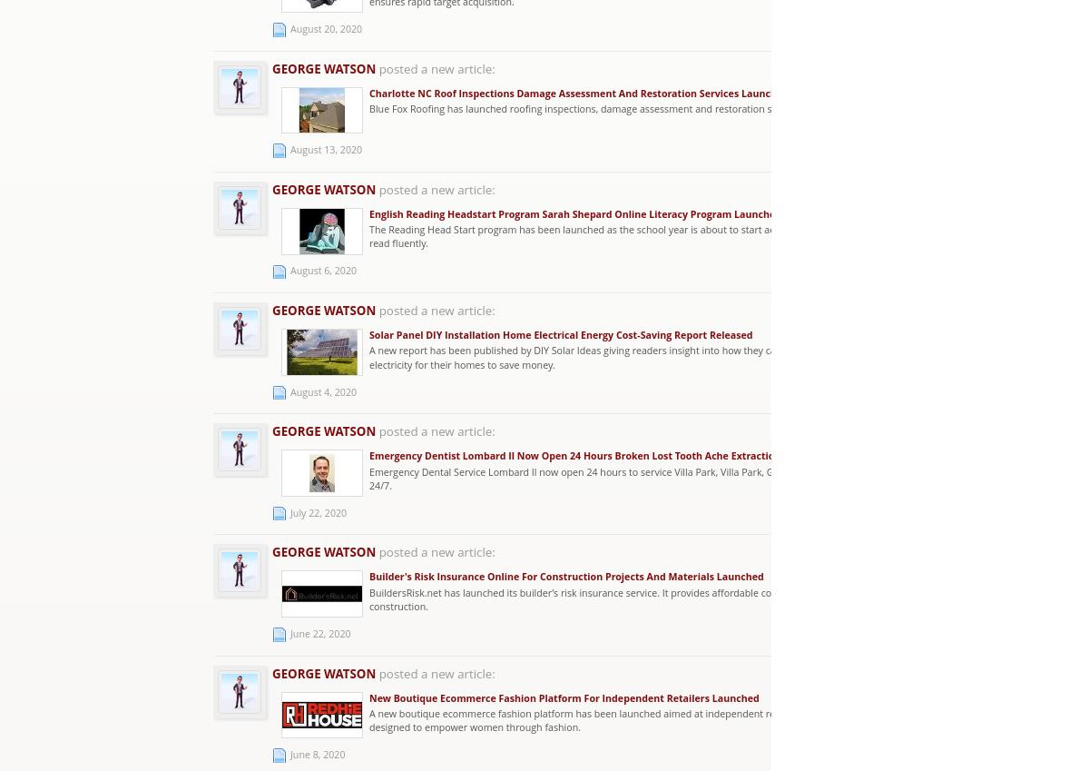 This screenshot has width=1089, height=771. What do you see at coordinates (699, 356) in the screenshot?
I see `'A new report has been published by DIY Solar Ideas giving readers insight into how they can build environmentally friendly solar panels to generate electricity for their homes to save money.'` at bounding box center [699, 356].